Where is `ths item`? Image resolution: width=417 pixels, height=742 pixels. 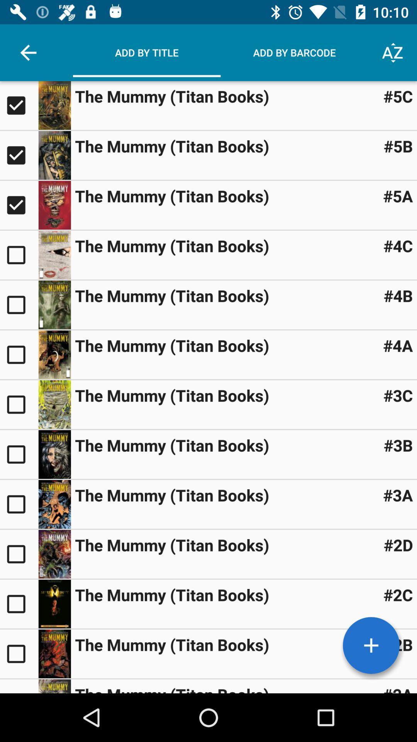 ths item is located at coordinates (19, 354).